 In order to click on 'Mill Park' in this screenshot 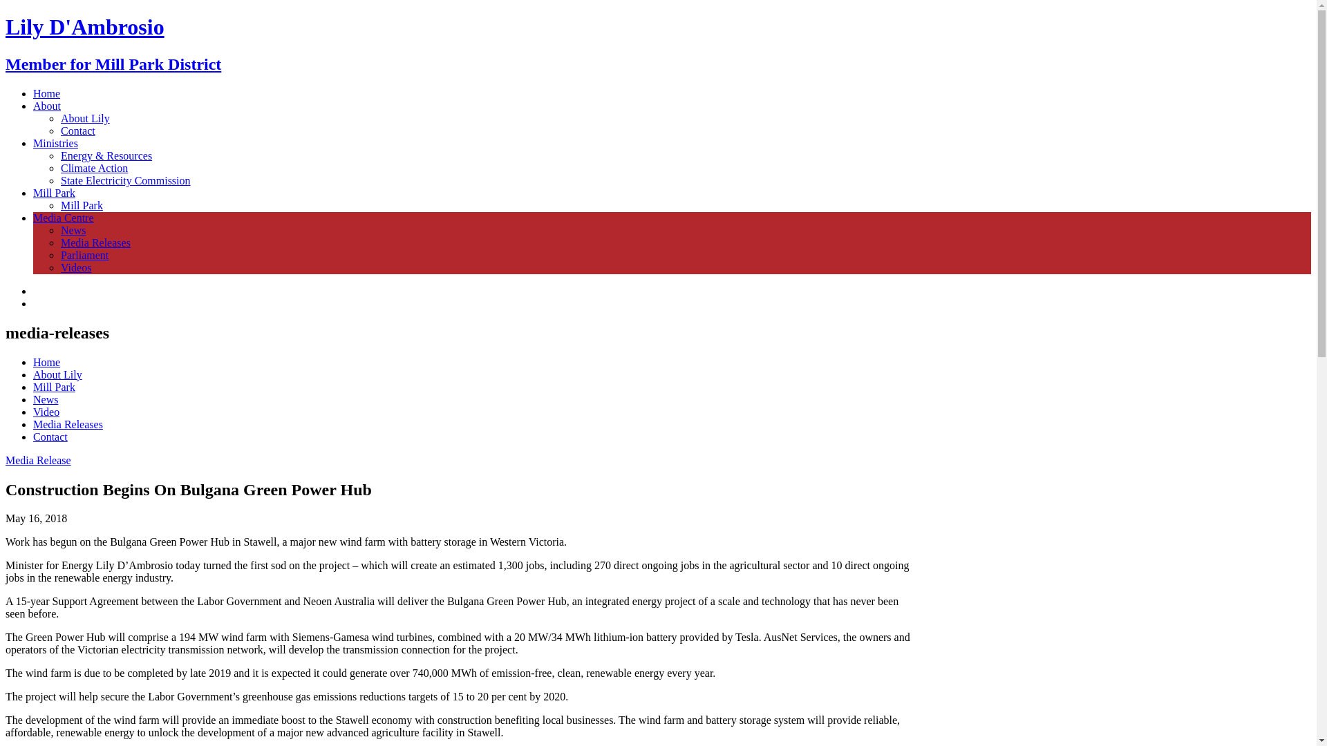, I will do `click(54, 193)`.